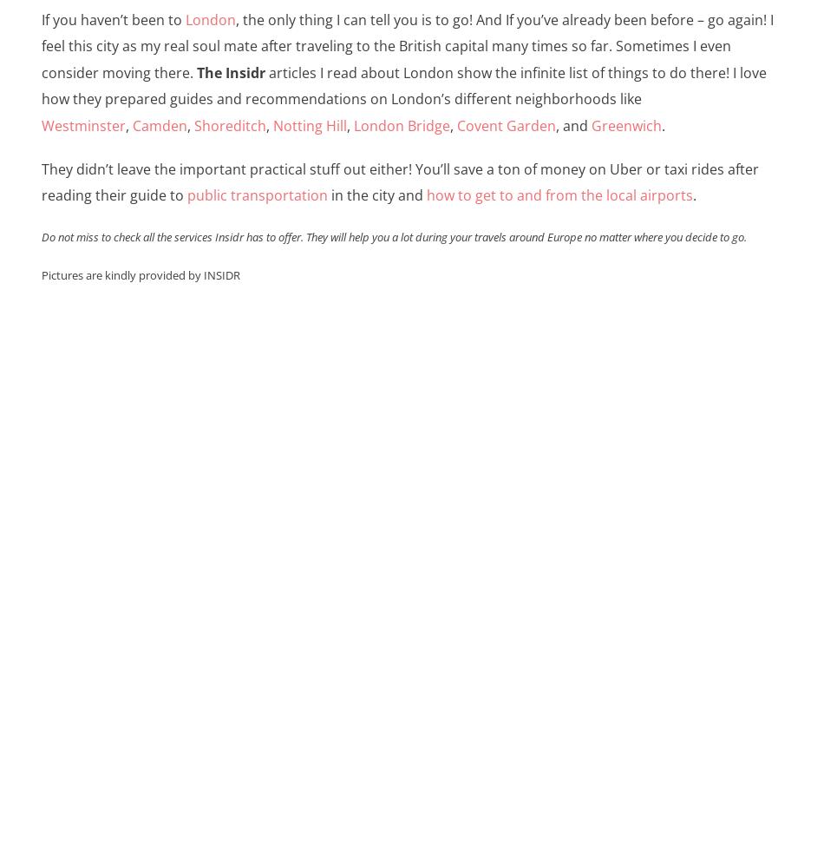  I want to click on 'Greenwich', so click(625, 124).